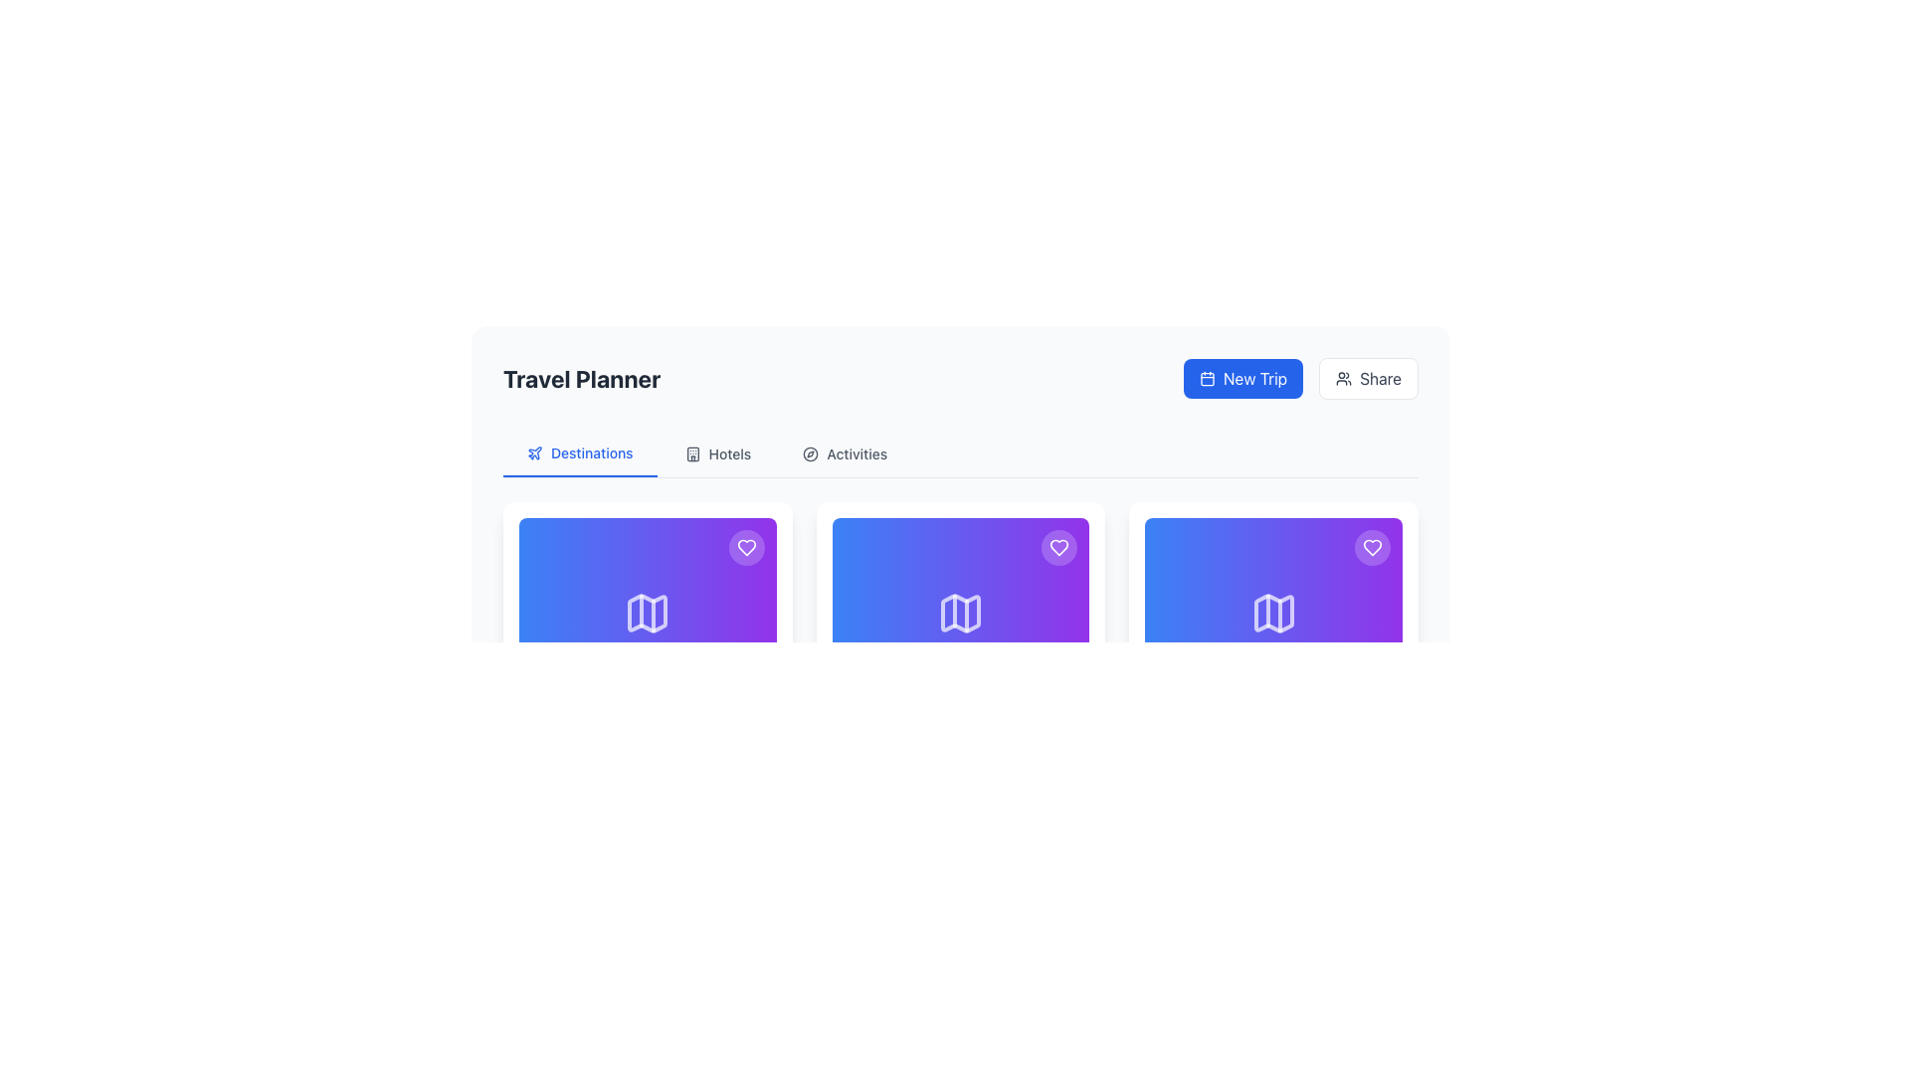  I want to click on the map-like icon featuring three connected panels, which is centrally located within the first card of a horizontal row of similar cards, for interaction, so click(648, 613).